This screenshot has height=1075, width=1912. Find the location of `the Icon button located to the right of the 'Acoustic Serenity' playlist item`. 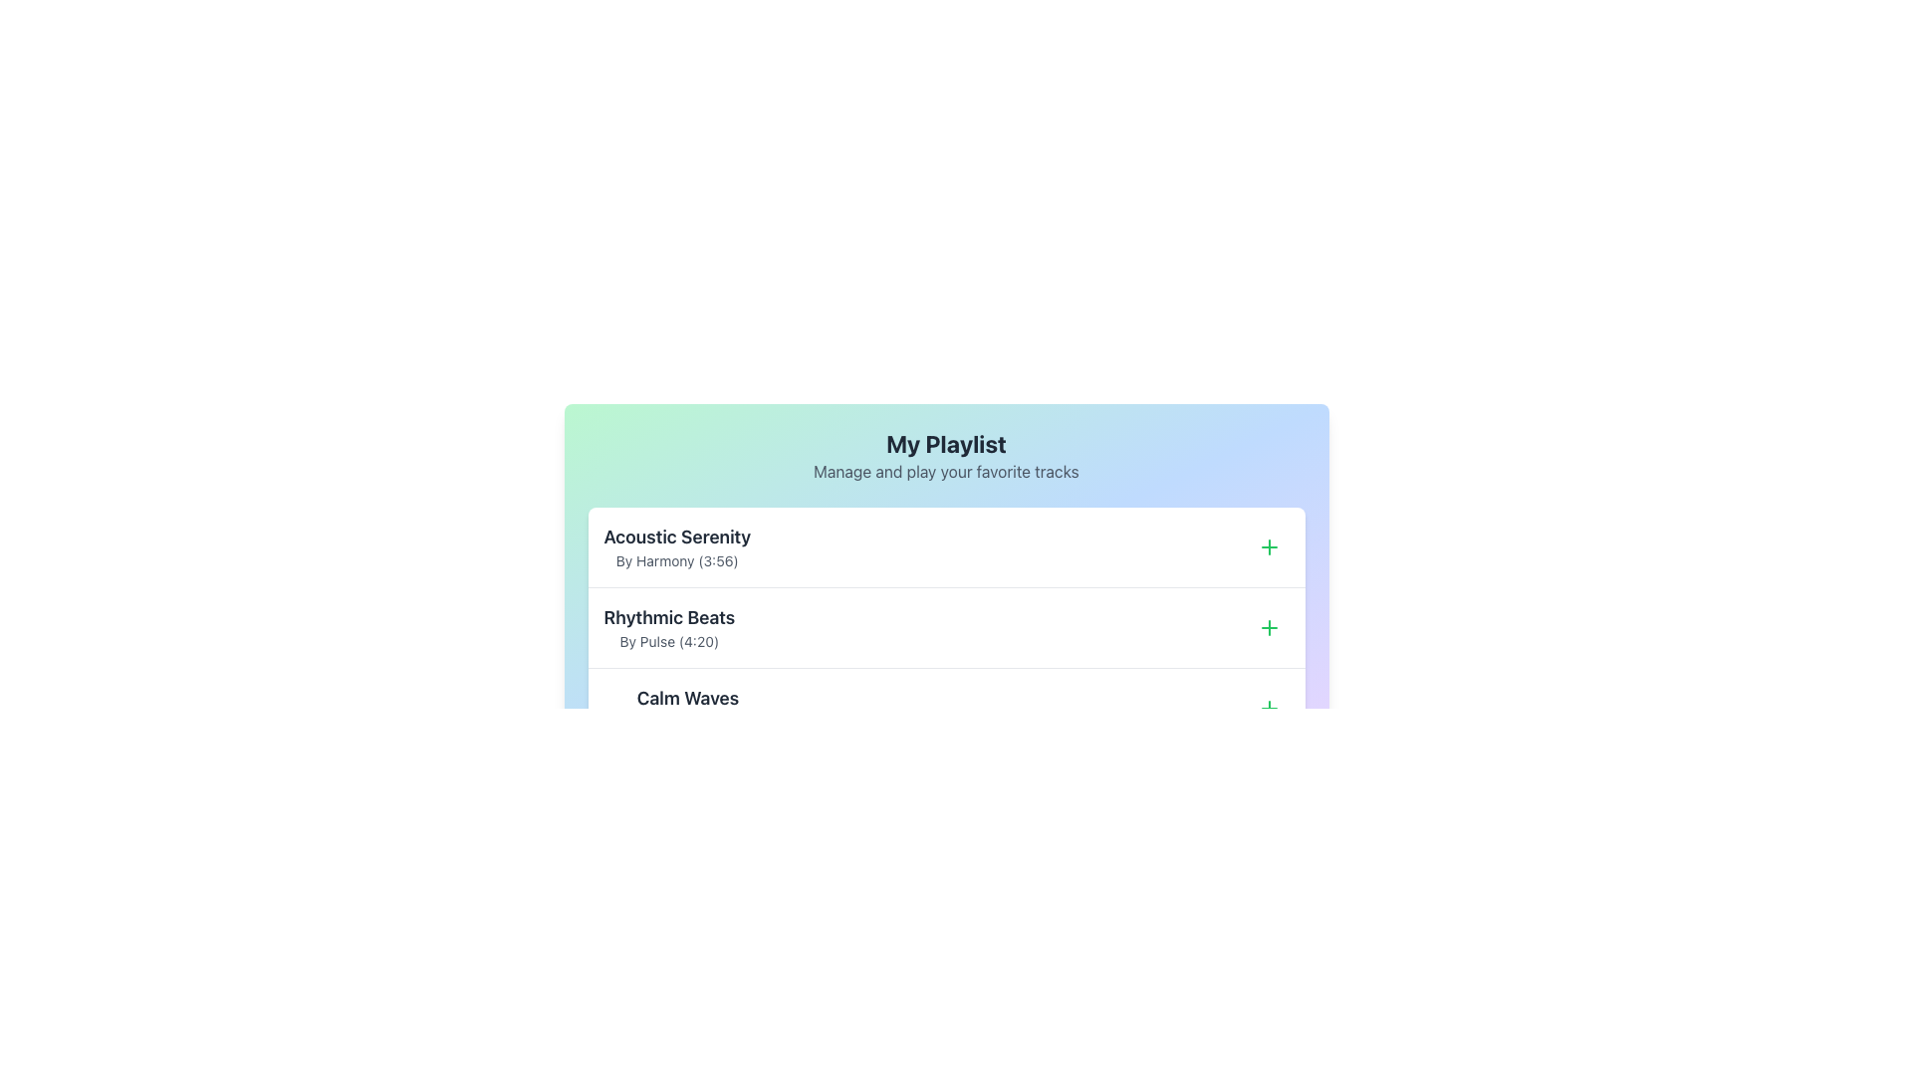

the Icon button located to the right of the 'Acoustic Serenity' playlist item is located at coordinates (1268, 547).